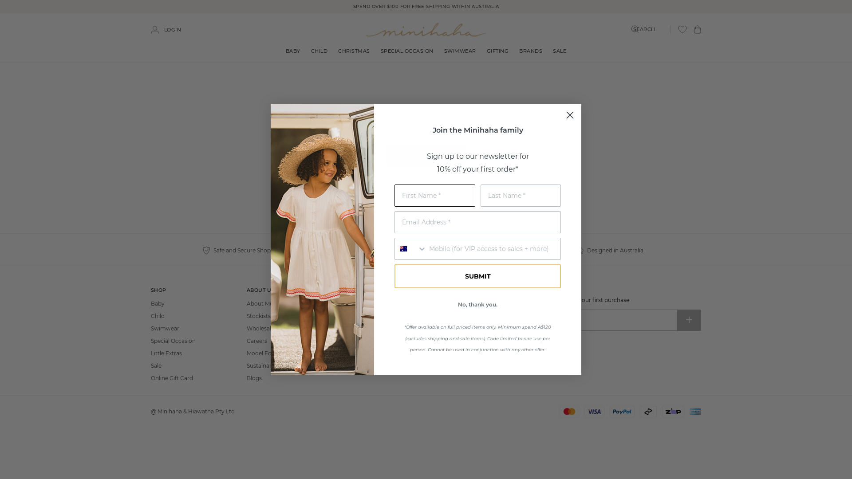 This screenshot has height=479, width=852. Describe the element at coordinates (156, 365) in the screenshot. I see `'Sale'` at that location.